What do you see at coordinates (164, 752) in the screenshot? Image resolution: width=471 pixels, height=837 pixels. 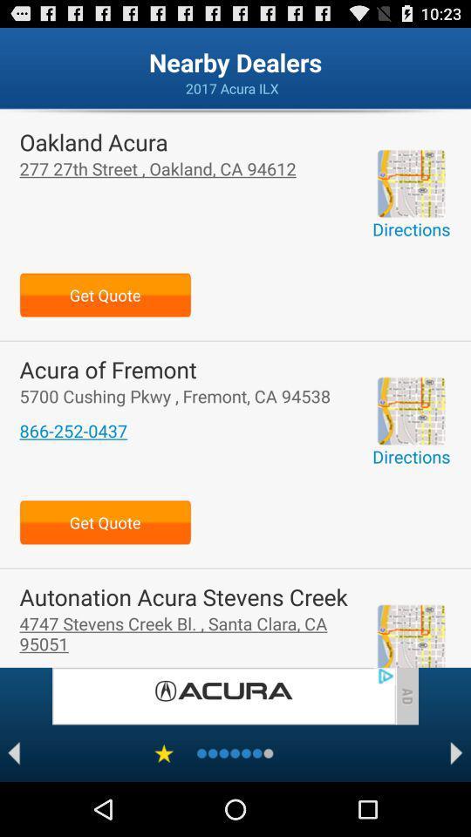 I see `button to put on favorite` at bounding box center [164, 752].